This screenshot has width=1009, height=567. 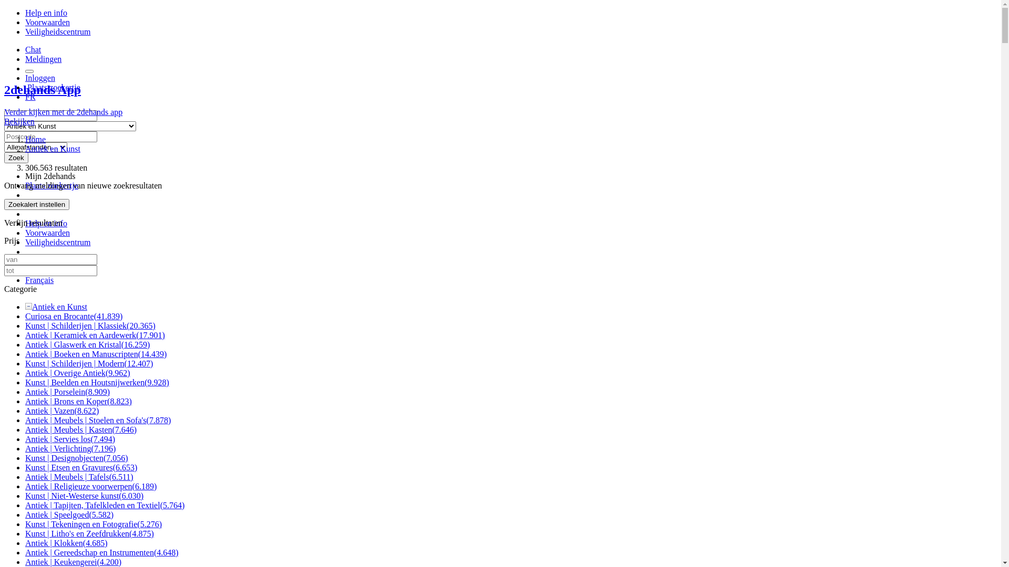 I want to click on 'Antiek | Meubels | Kasten(7.646)', so click(x=80, y=429).